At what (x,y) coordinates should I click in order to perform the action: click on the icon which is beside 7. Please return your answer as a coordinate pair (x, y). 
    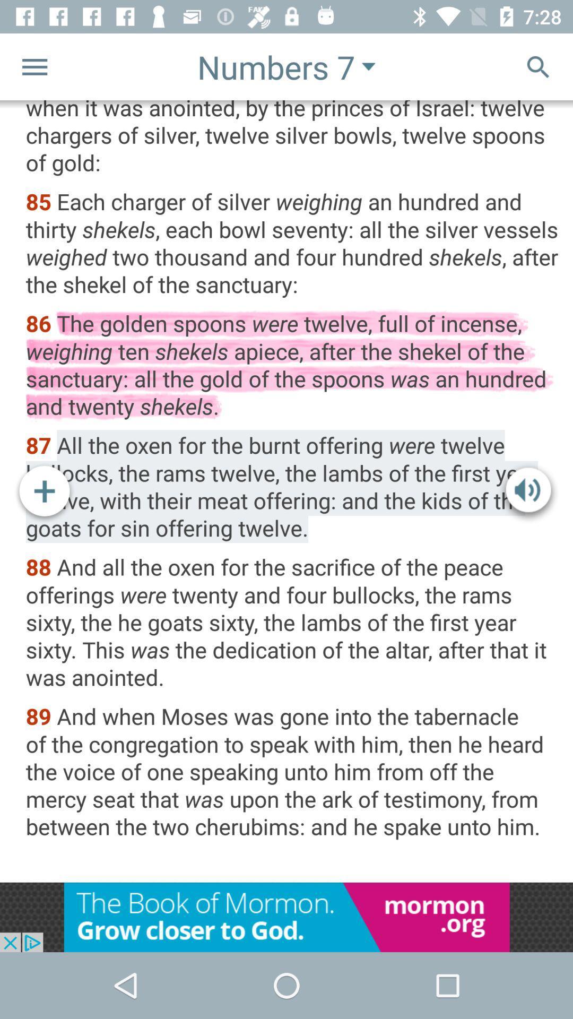
    Looking at the image, I should click on (368, 66).